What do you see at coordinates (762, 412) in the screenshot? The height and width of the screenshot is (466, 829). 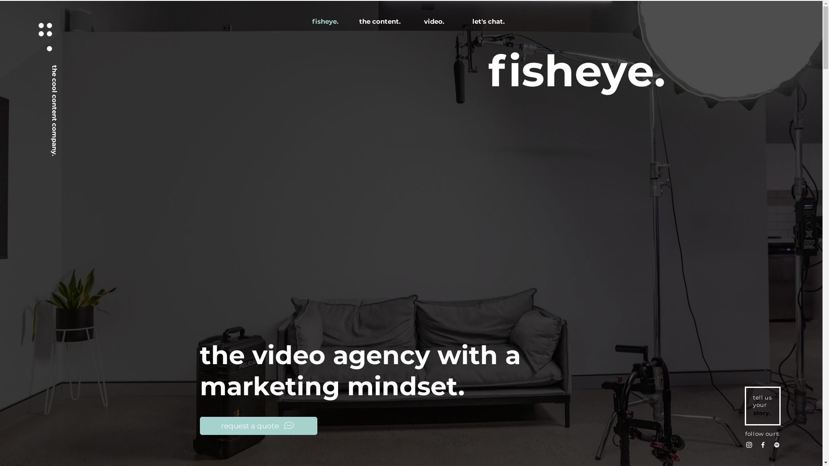 I see `'story.'` at bounding box center [762, 412].